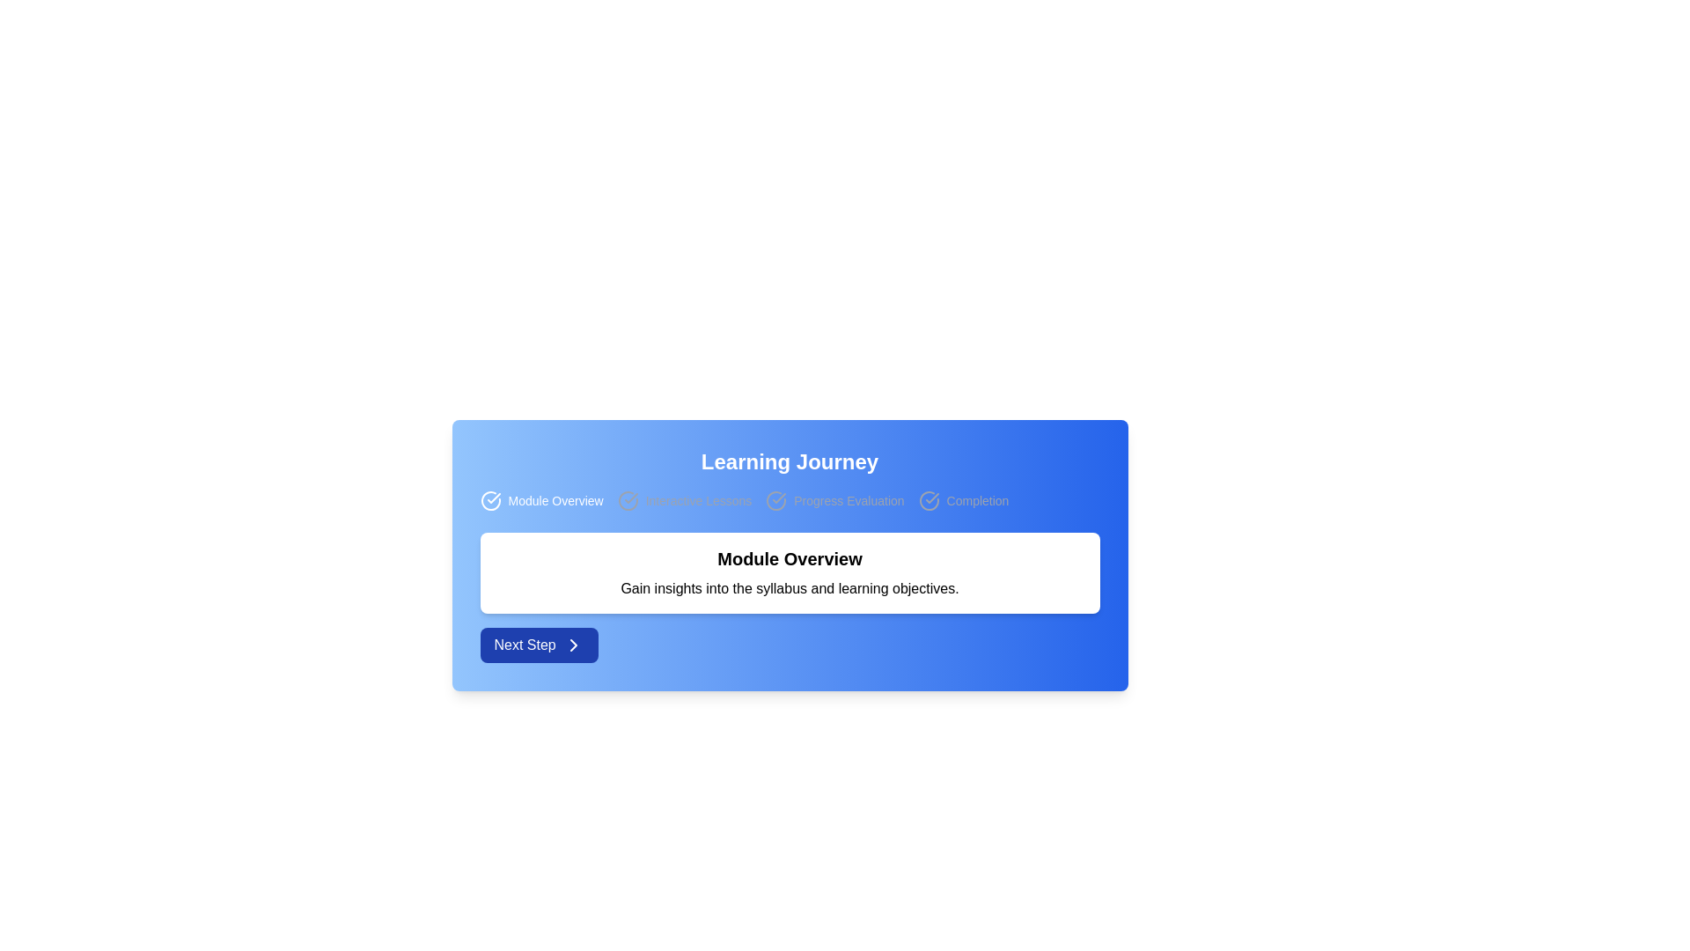 This screenshot has height=951, width=1690. I want to click on the visual state of the 'Module Overview' icon located at the top-left corner of the blue card layout, which represents the completion or selection of a module, so click(490, 501).